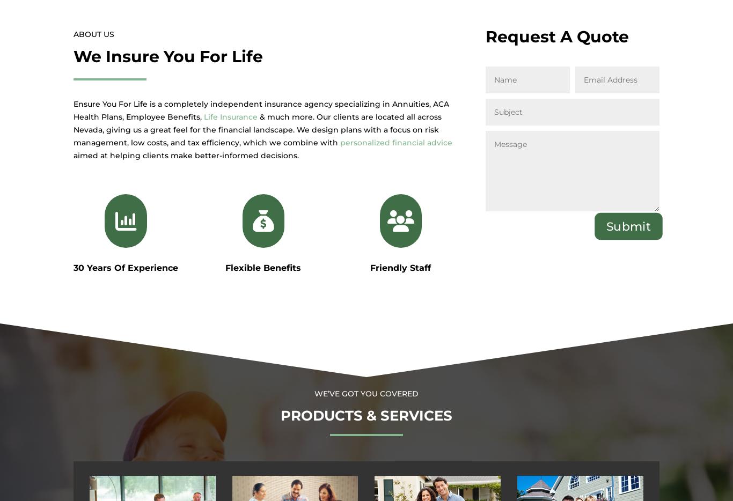 The width and height of the screenshot is (733, 501). What do you see at coordinates (400, 267) in the screenshot?
I see `'Friendly Staff'` at bounding box center [400, 267].